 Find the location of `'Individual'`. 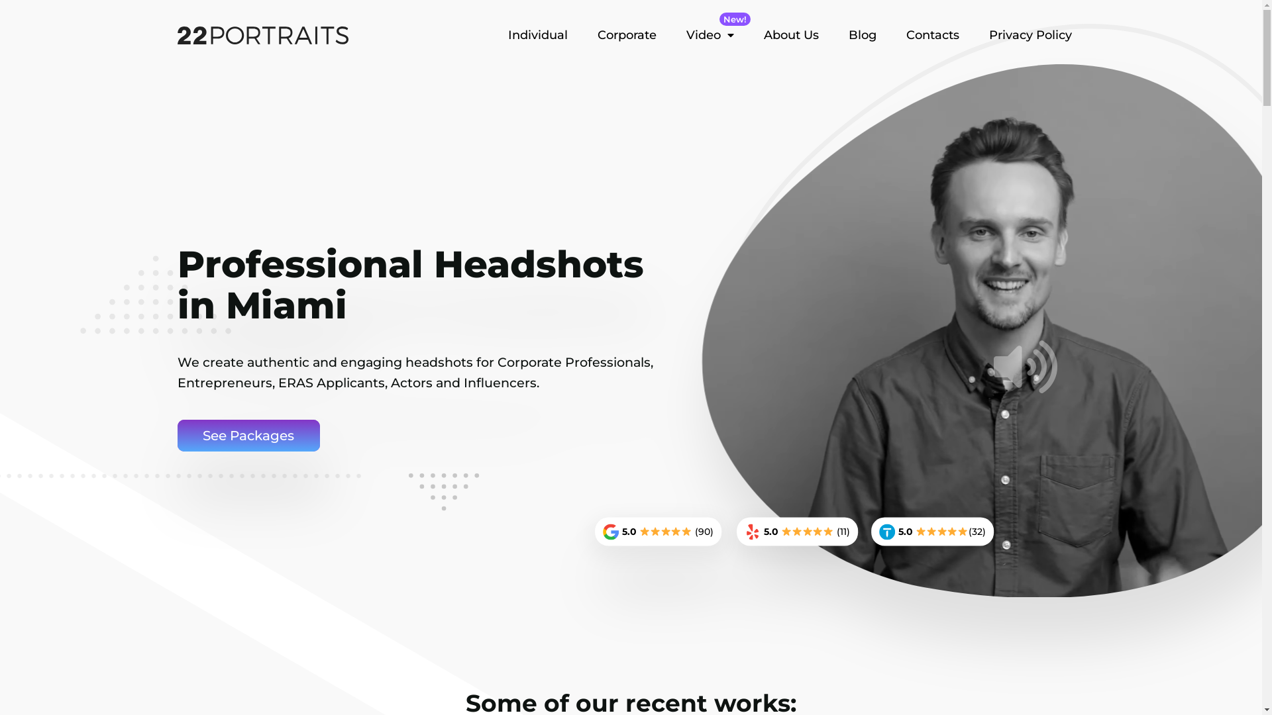

'Individual' is located at coordinates (537, 34).